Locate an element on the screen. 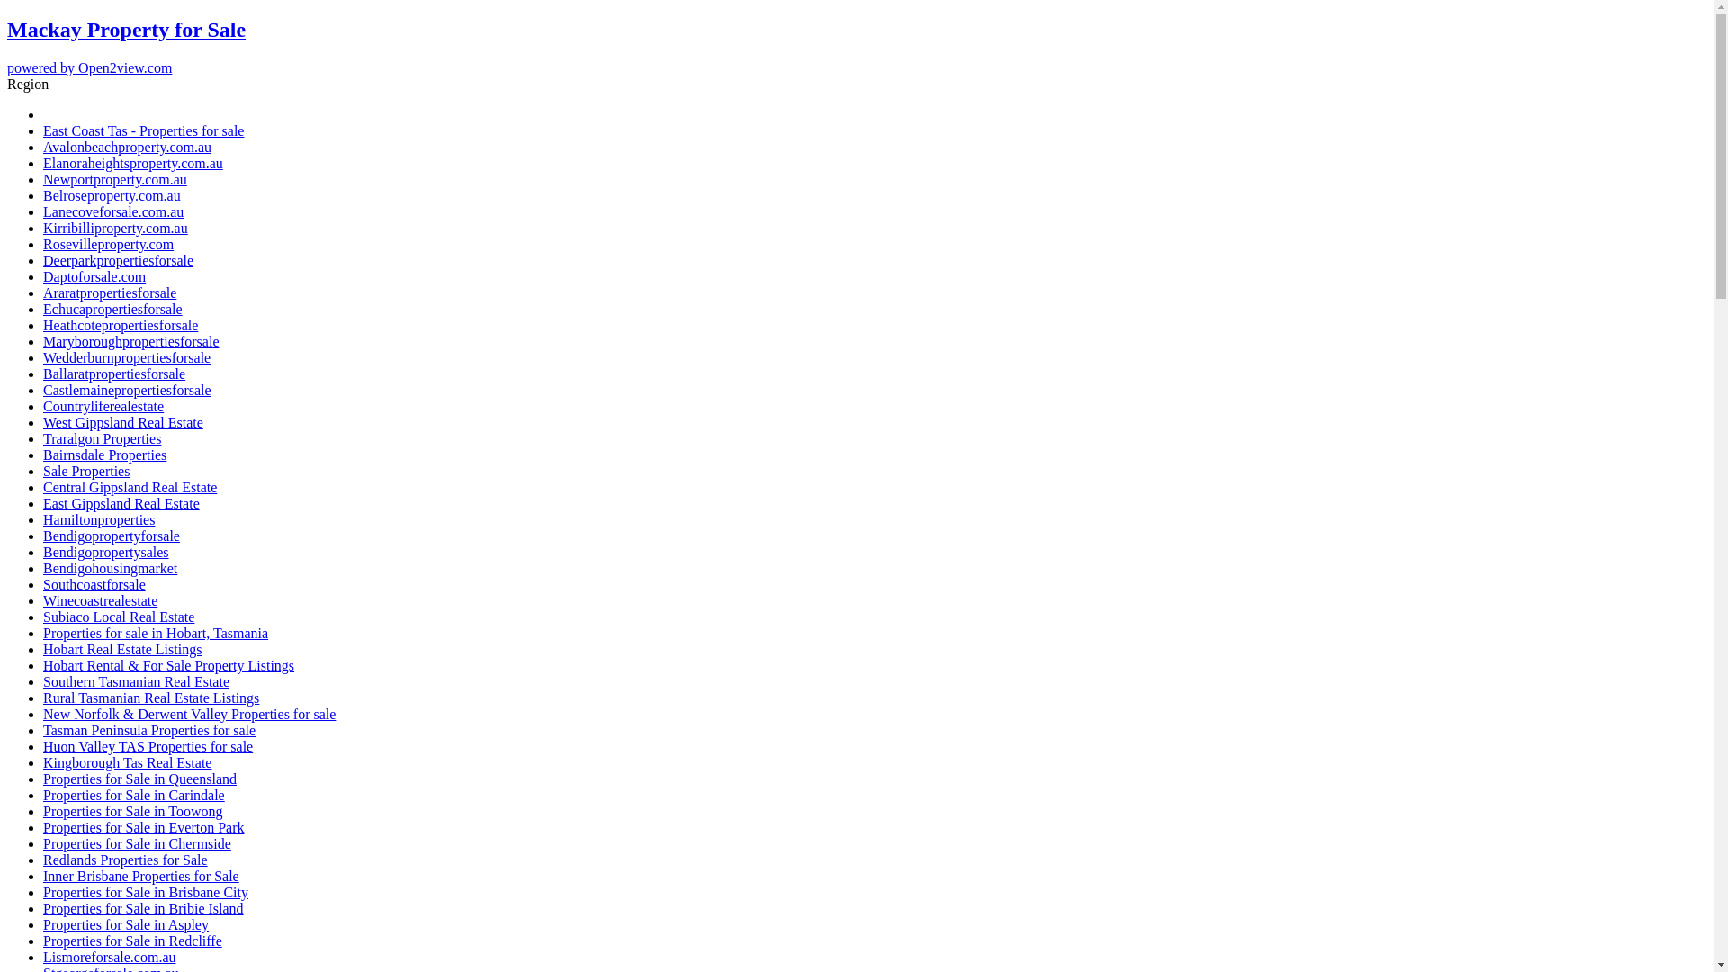 This screenshot has height=972, width=1728. 'Sale Properties' is located at coordinates (85, 470).